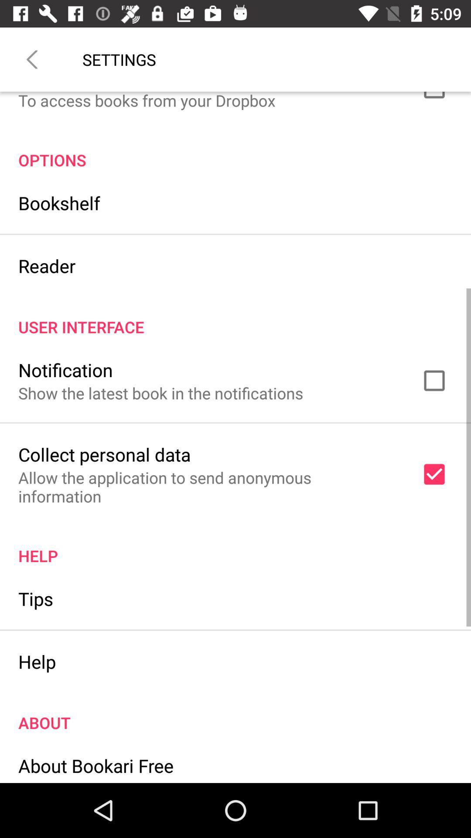 The image size is (471, 838). What do you see at coordinates (35, 598) in the screenshot?
I see `item above the help item` at bounding box center [35, 598].